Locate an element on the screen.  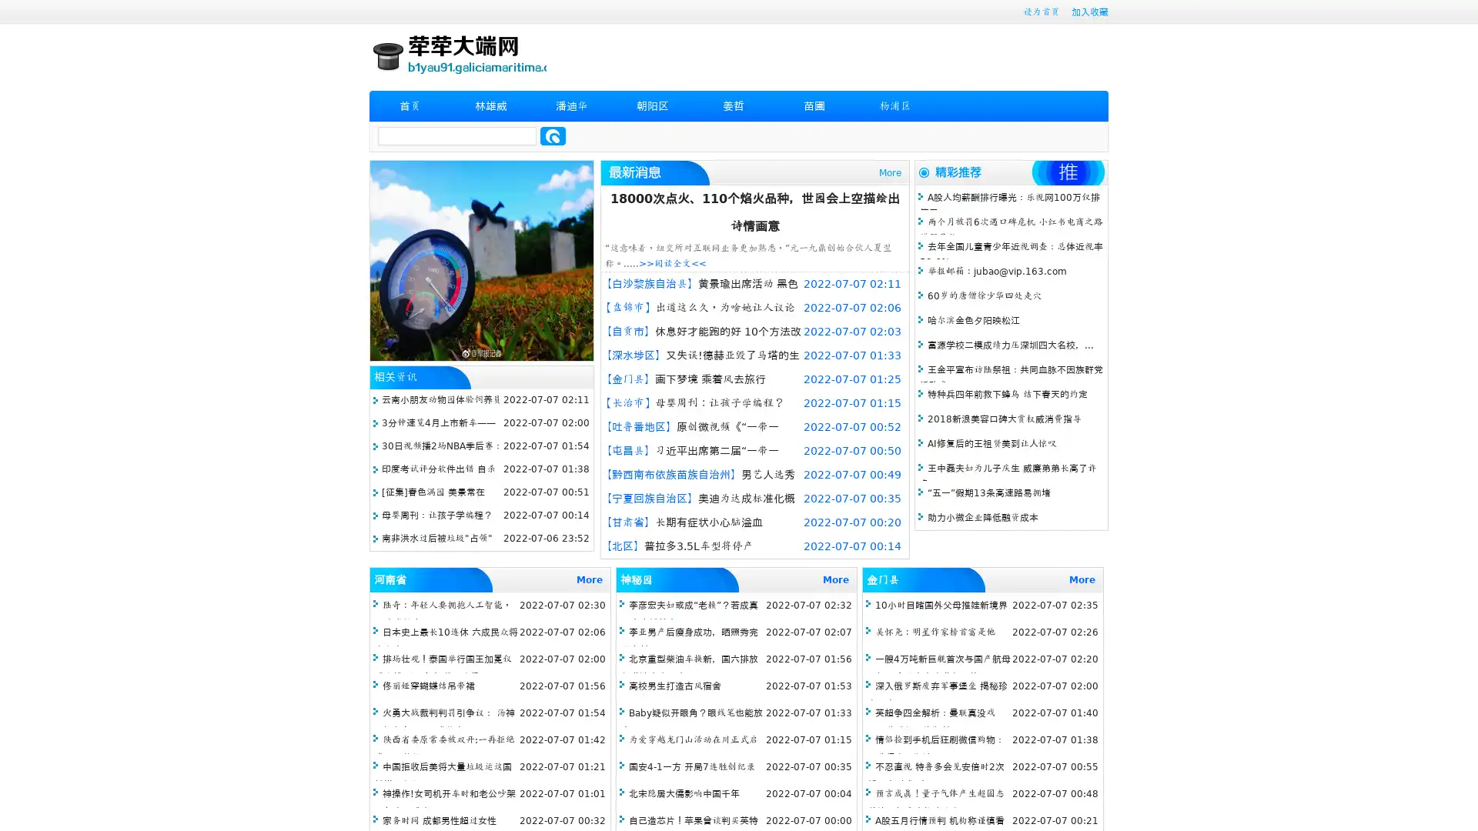
Search is located at coordinates (553, 135).